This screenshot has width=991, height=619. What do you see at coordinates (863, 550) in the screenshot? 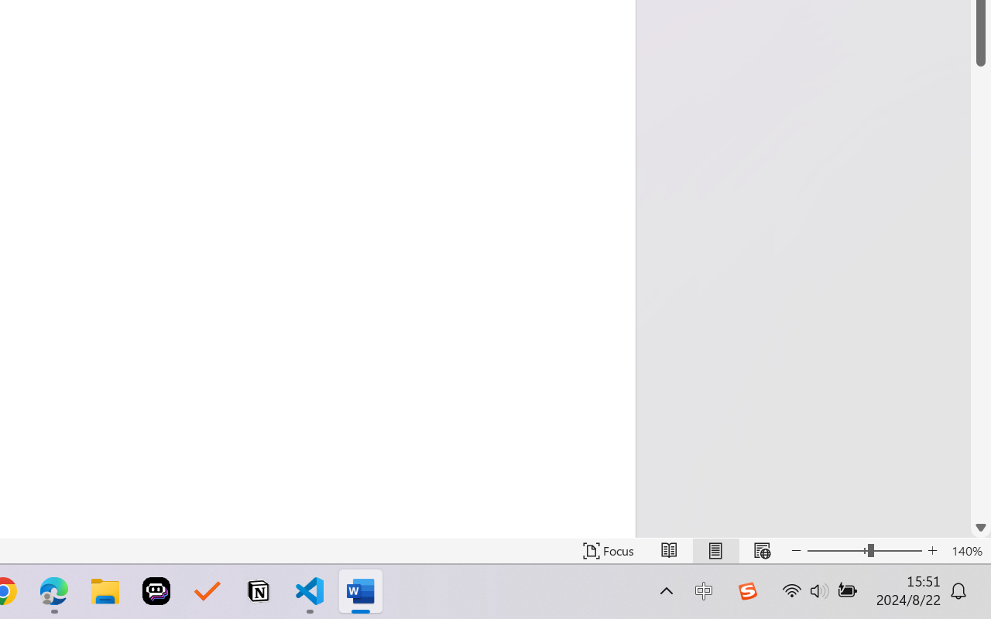
I see `'Zoom'` at bounding box center [863, 550].